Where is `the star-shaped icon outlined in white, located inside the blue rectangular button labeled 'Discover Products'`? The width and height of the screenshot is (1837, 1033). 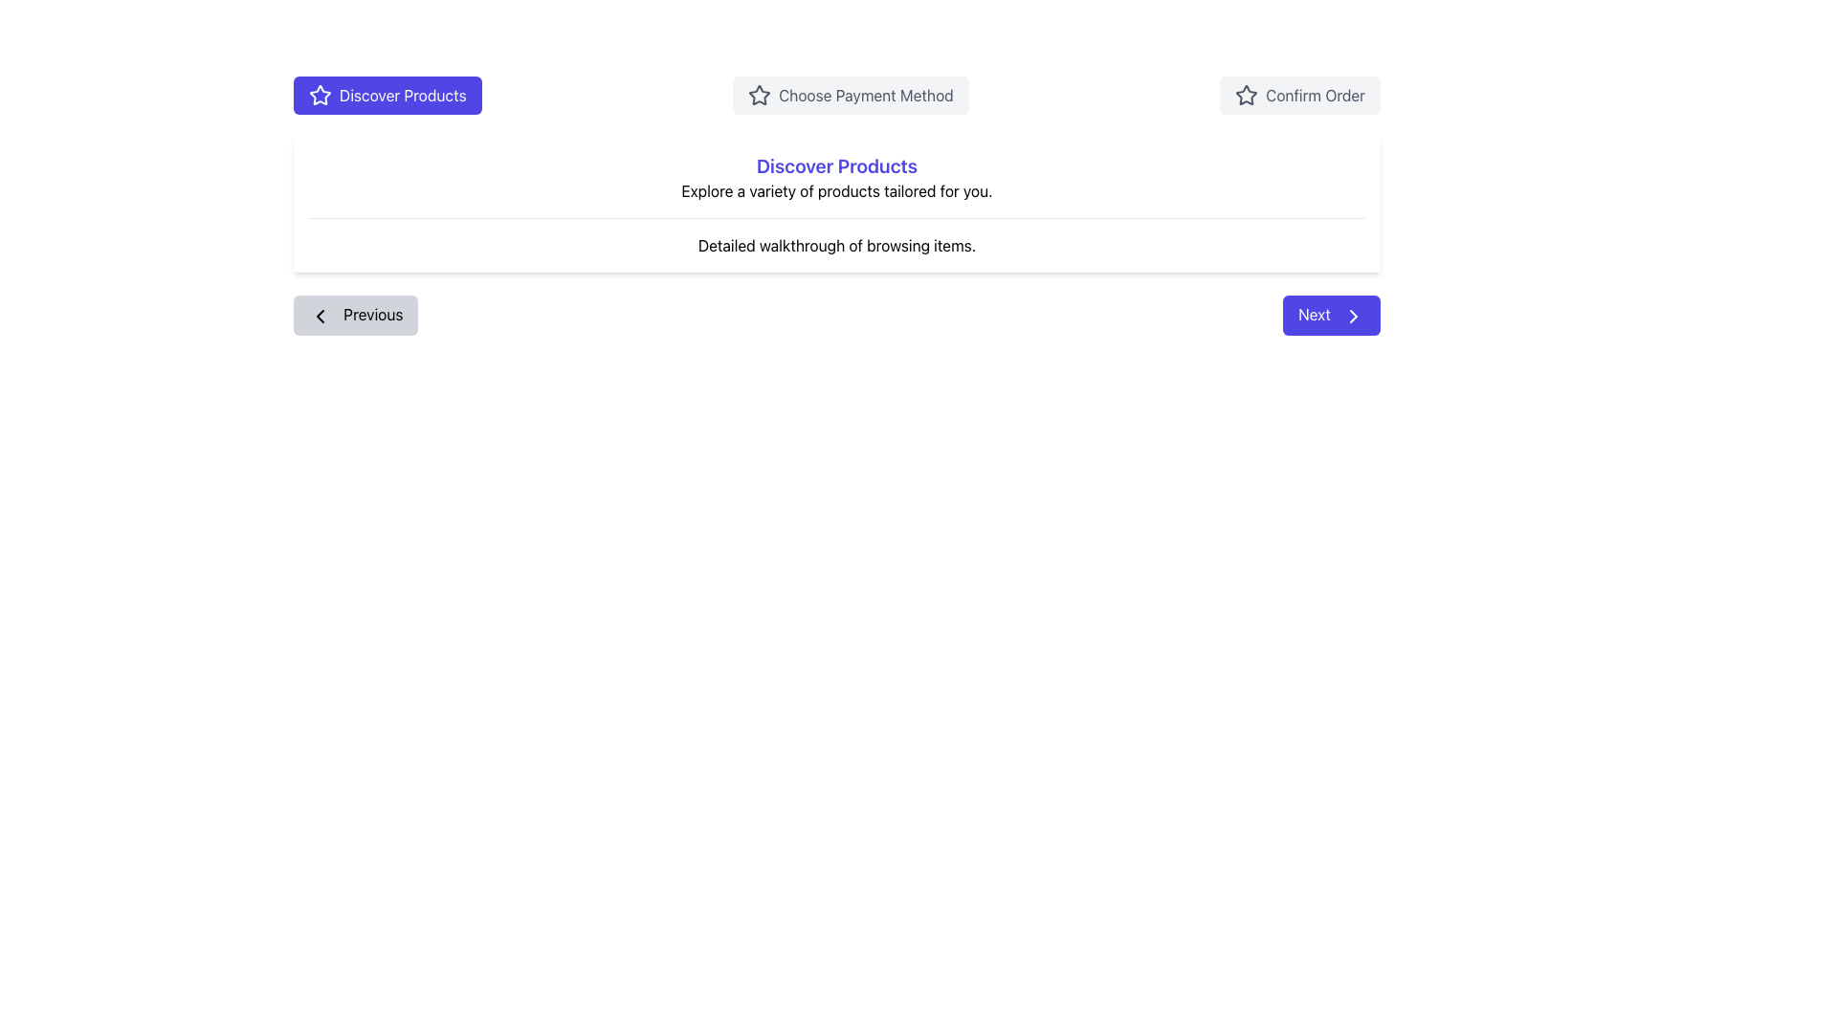 the star-shaped icon outlined in white, located inside the blue rectangular button labeled 'Discover Products' is located at coordinates (321, 96).